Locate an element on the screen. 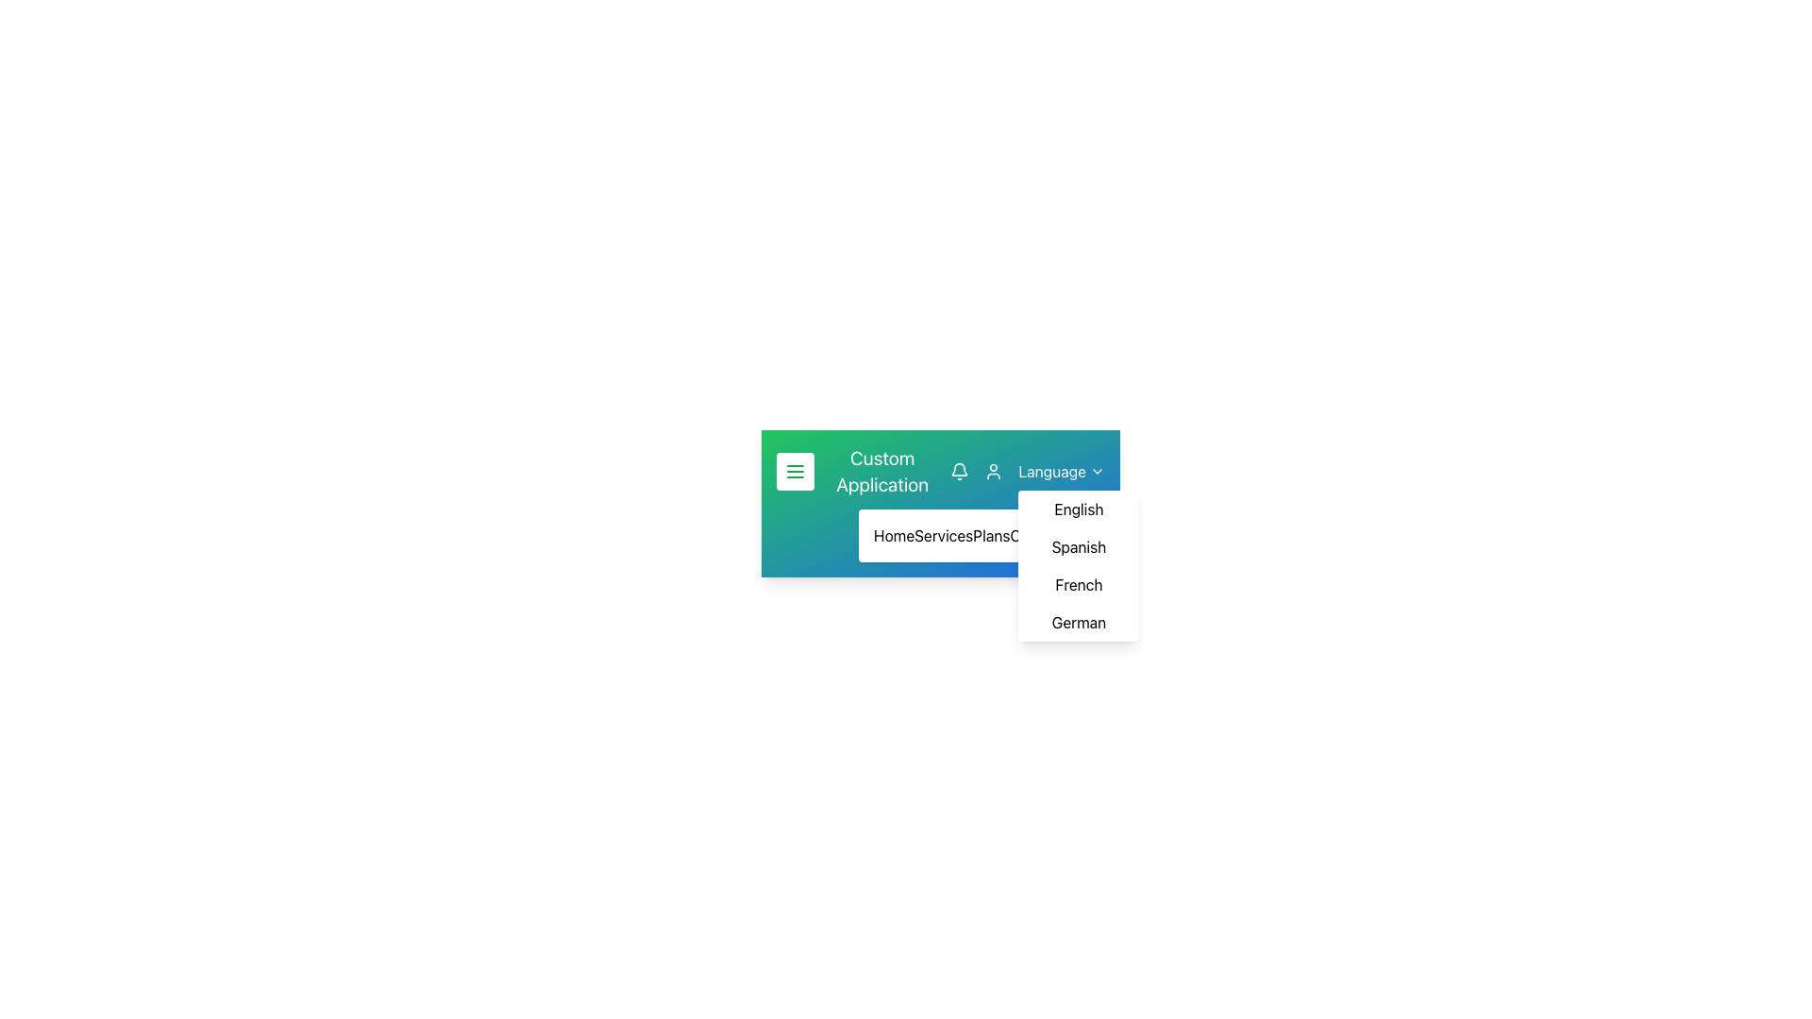 This screenshot has width=1812, height=1019. the third entry in the language selection dropdown menu, which represents the option to change the application language to French is located at coordinates (1079, 584).